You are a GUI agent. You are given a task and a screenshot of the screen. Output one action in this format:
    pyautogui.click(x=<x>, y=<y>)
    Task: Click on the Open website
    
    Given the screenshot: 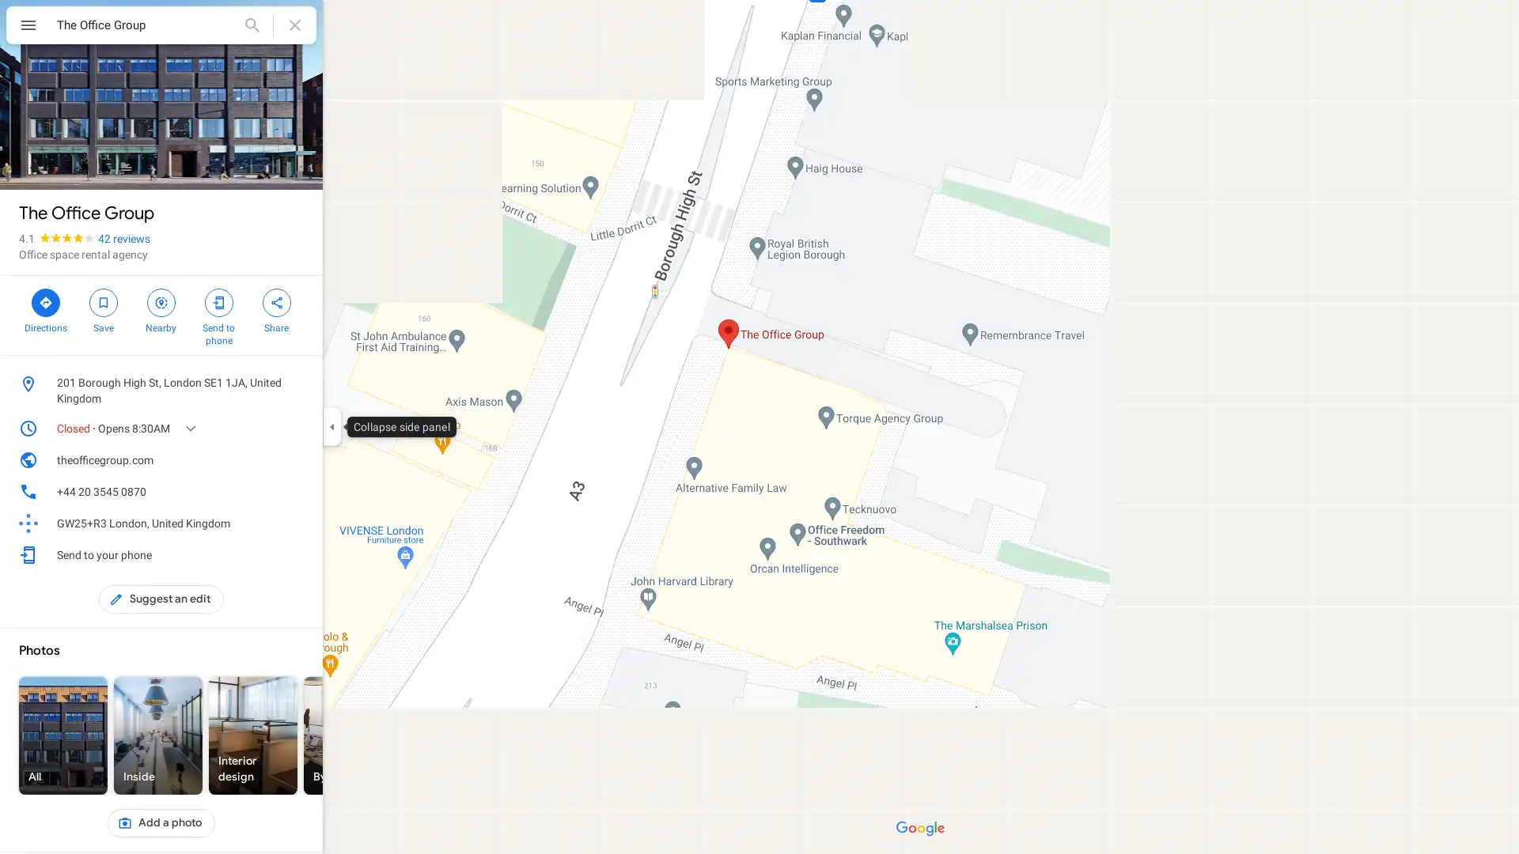 What is the action you would take?
    pyautogui.click(x=272, y=460)
    